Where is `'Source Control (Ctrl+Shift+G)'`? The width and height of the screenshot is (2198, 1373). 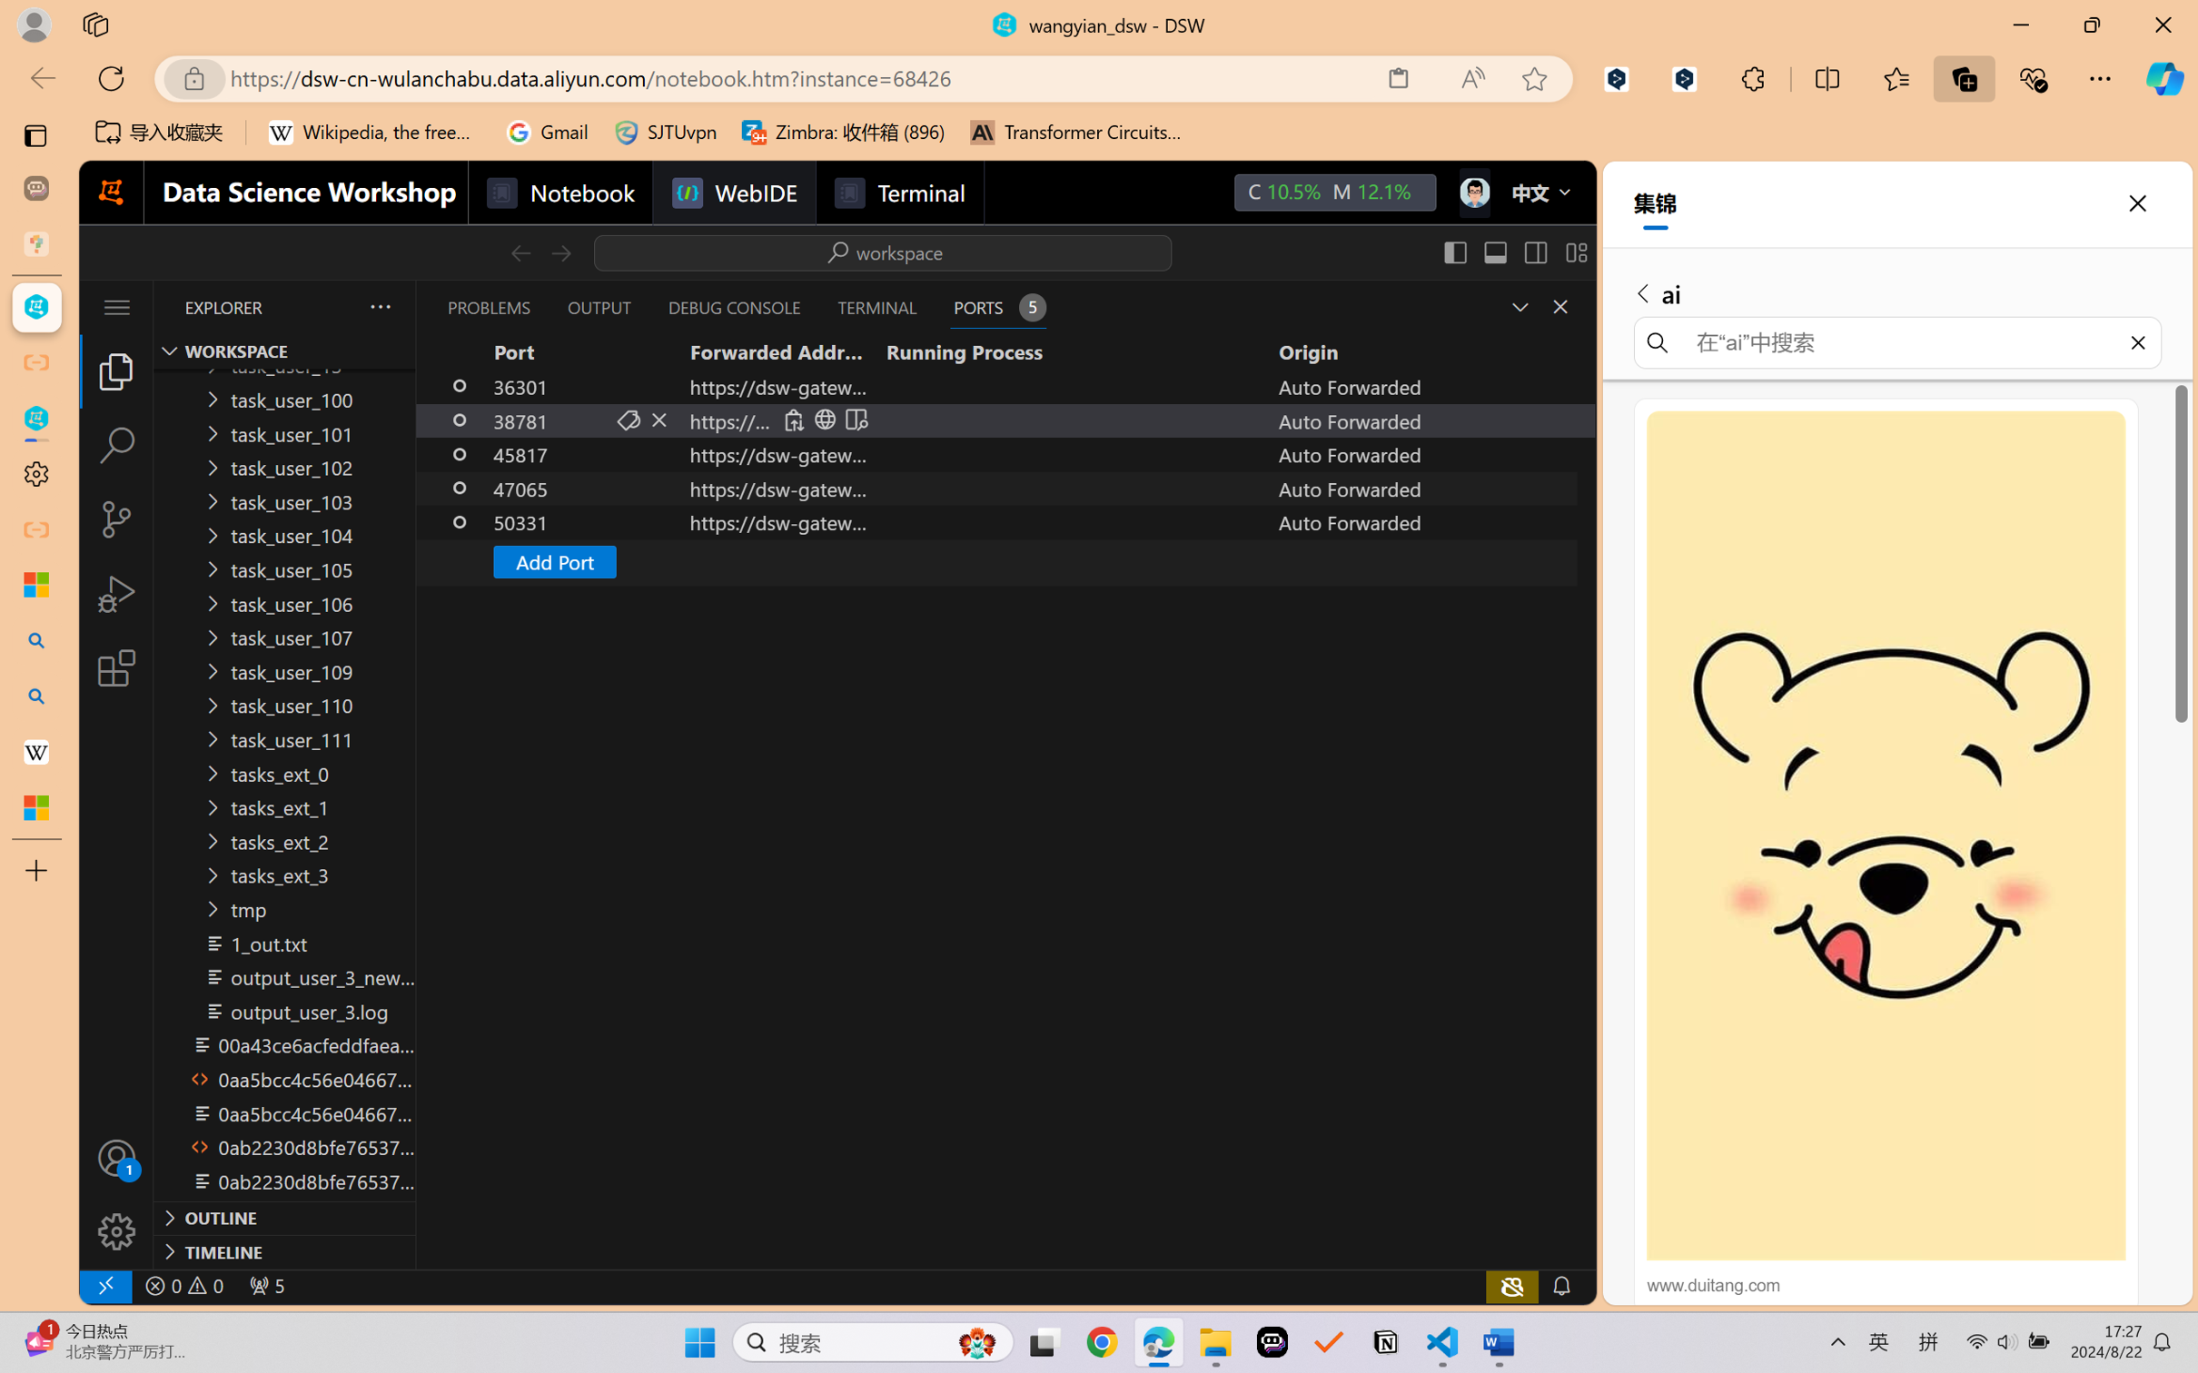 'Source Control (Ctrl+Shift+G)' is located at coordinates (115, 519).